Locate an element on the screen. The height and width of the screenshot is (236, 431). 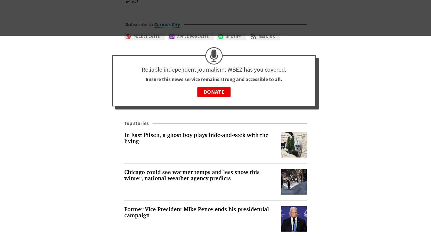
'Subscribe to' is located at coordinates (140, 24).